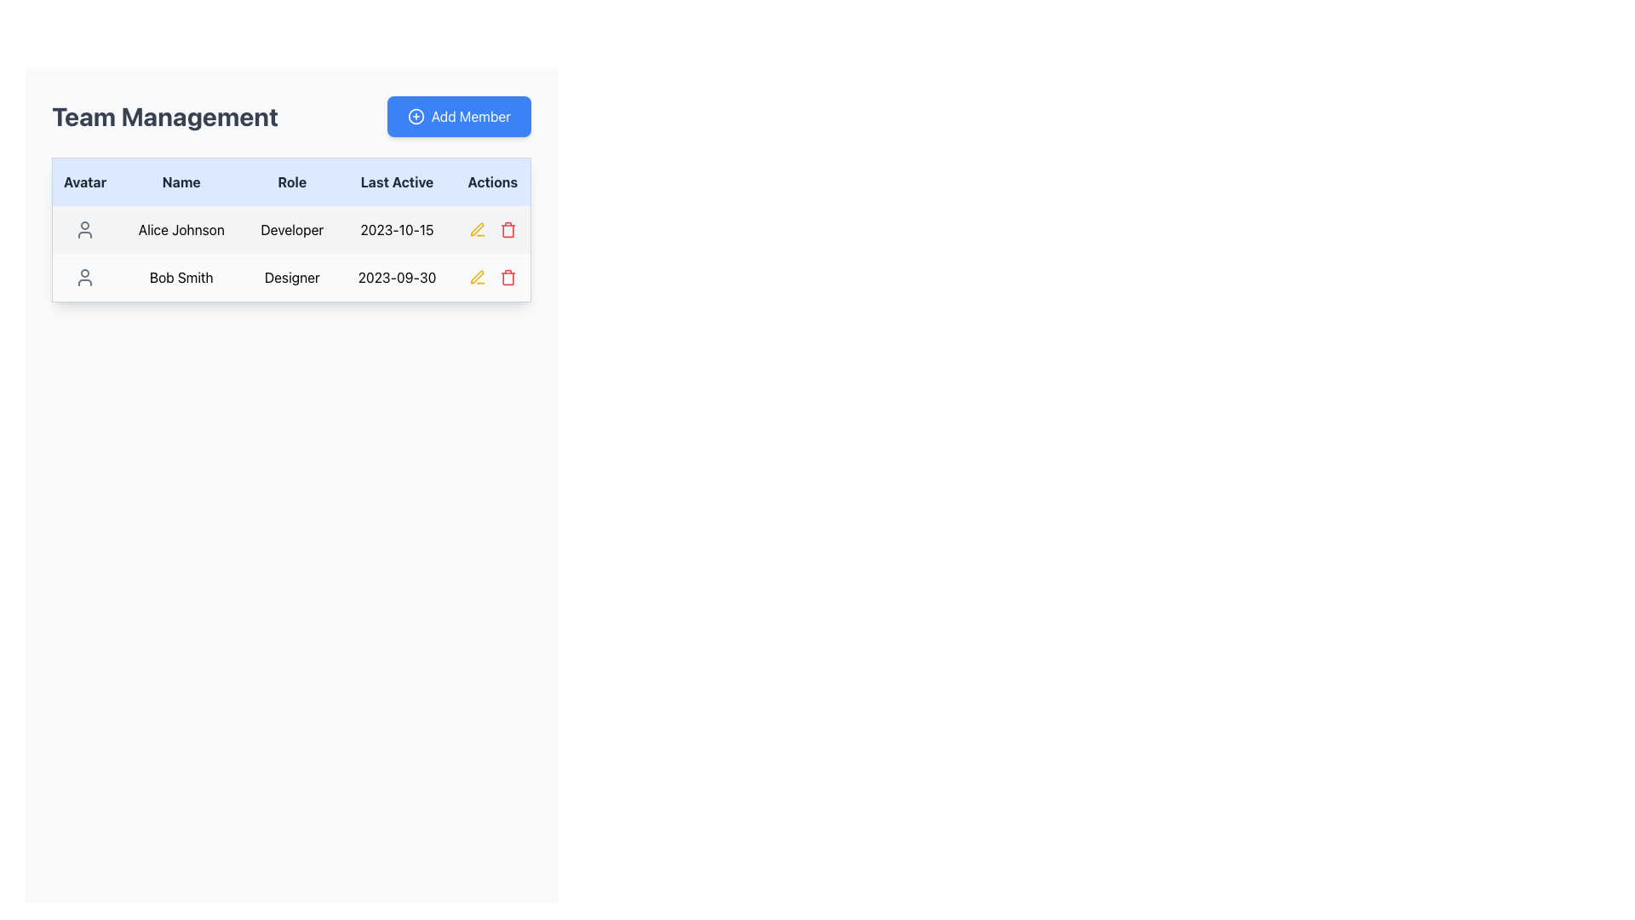 The image size is (1635, 920). I want to click on the table header indicating the last active date of team members, located as the fourth column between 'Role' and 'Actions', so click(396, 181).